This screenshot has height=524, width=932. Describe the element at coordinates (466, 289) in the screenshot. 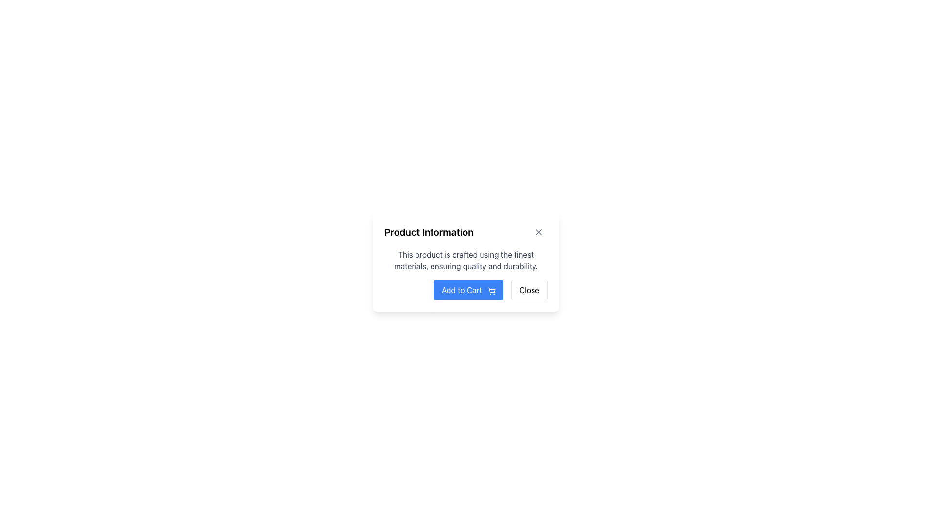

I see `the 'Add to Cart' button located at the bottom-right corner of the product information card` at that location.